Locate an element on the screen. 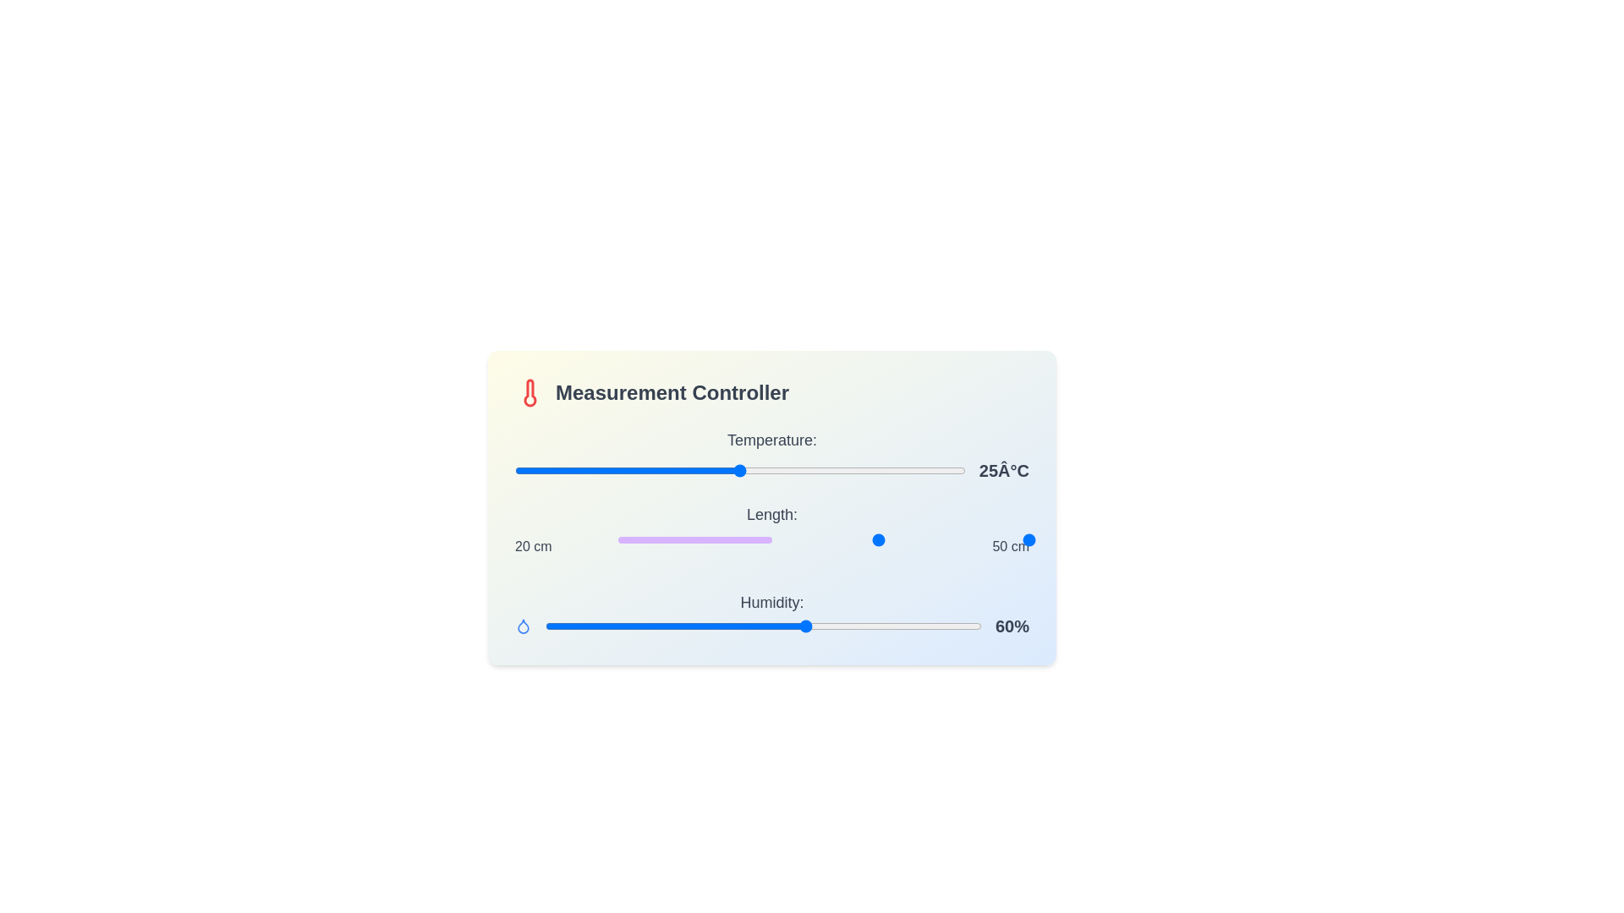 The image size is (1624, 913). the slider is located at coordinates (821, 470).